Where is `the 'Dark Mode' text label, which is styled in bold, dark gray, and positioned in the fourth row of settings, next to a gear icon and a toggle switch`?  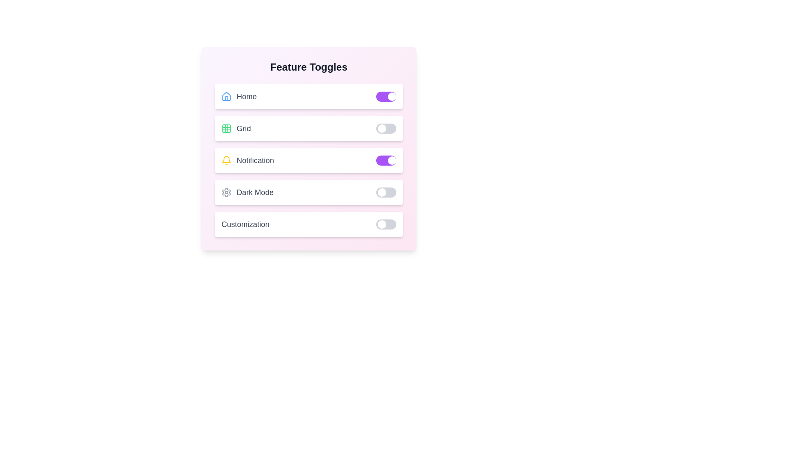
the 'Dark Mode' text label, which is styled in bold, dark gray, and positioned in the fourth row of settings, next to a gear icon and a toggle switch is located at coordinates (255, 193).